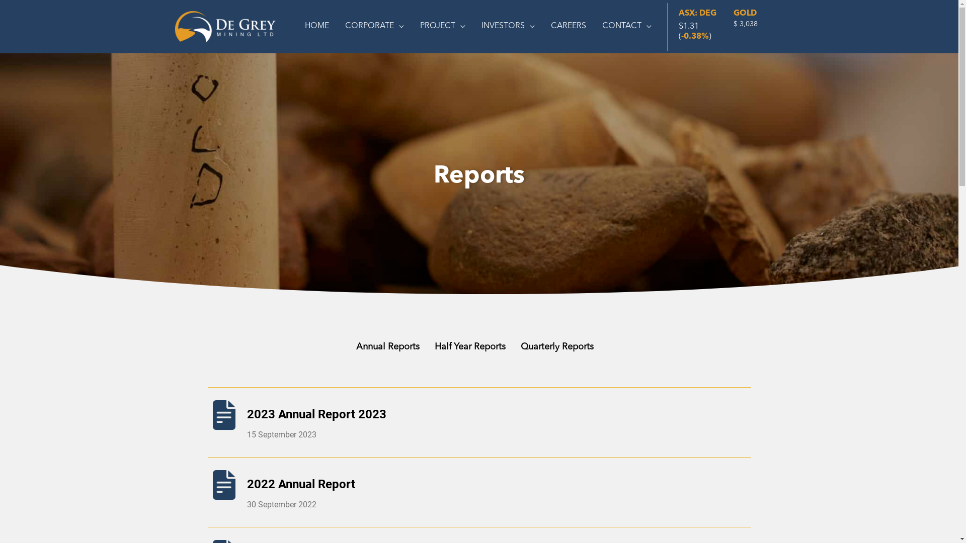 This screenshot has width=966, height=543. What do you see at coordinates (337, 26) in the screenshot?
I see `'CORPORATE'` at bounding box center [337, 26].